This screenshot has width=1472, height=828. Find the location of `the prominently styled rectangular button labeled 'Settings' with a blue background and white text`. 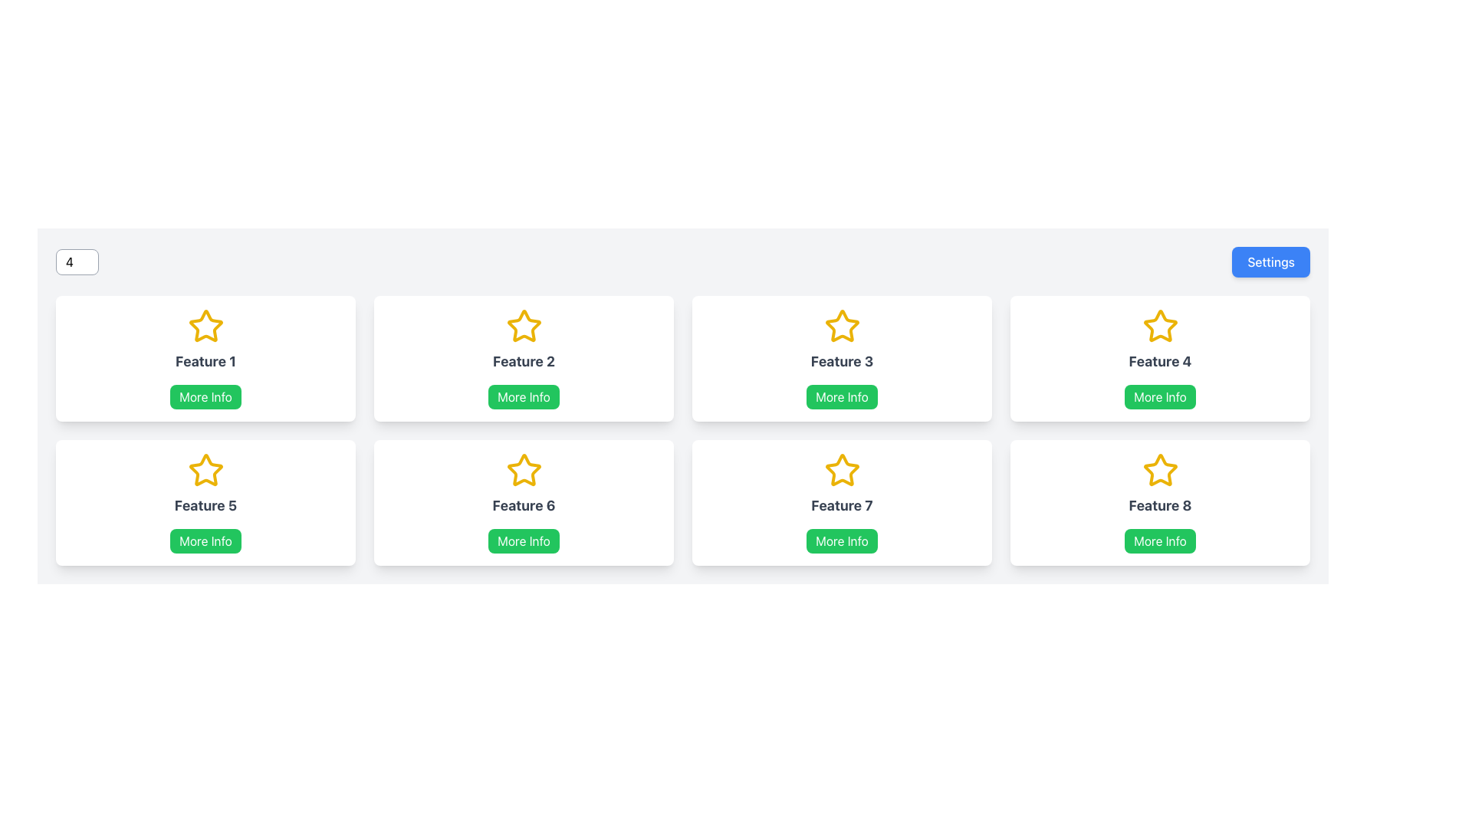

the prominently styled rectangular button labeled 'Settings' with a blue background and white text is located at coordinates (1271, 261).